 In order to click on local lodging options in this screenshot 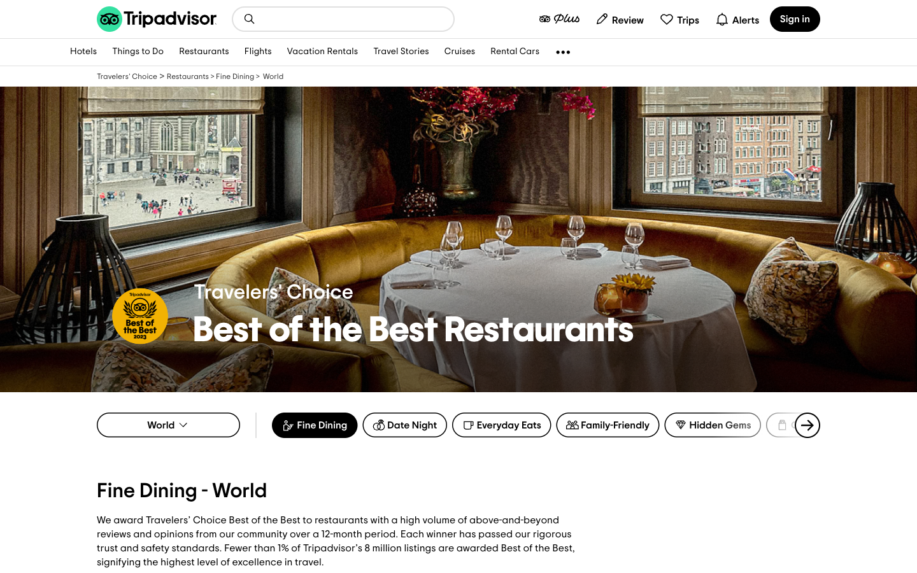, I will do `click(248, 18)`.